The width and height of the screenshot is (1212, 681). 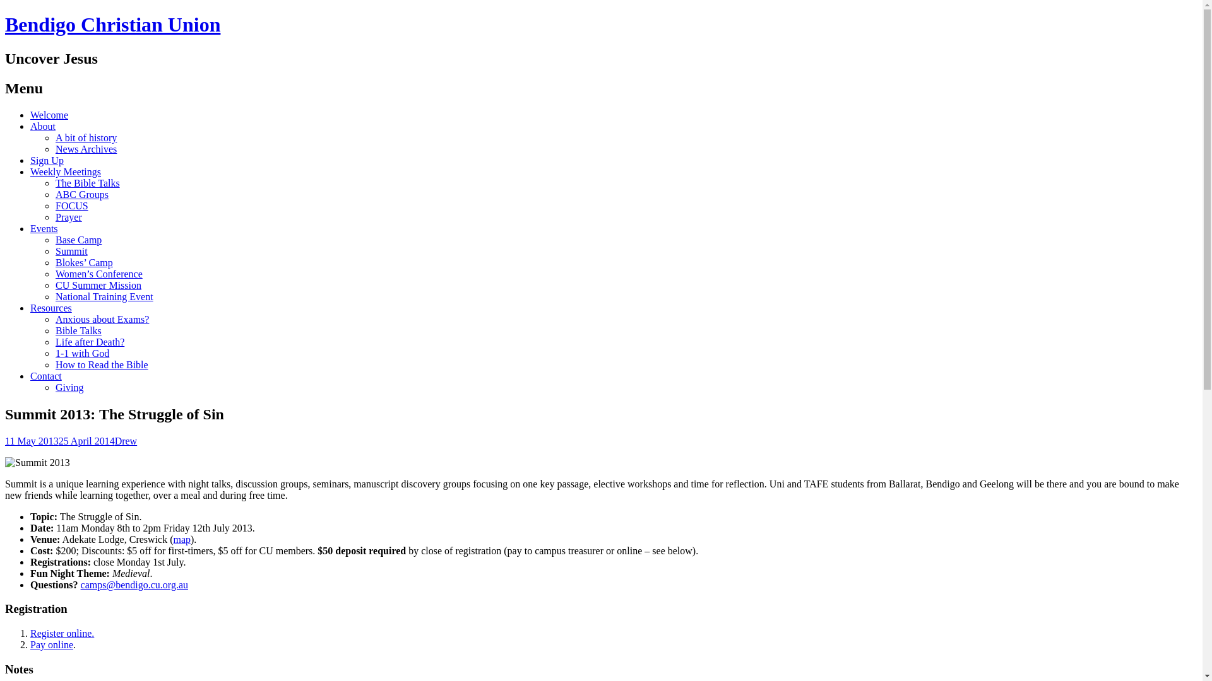 What do you see at coordinates (54, 216) in the screenshot?
I see `'Prayer'` at bounding box center [54, 216].